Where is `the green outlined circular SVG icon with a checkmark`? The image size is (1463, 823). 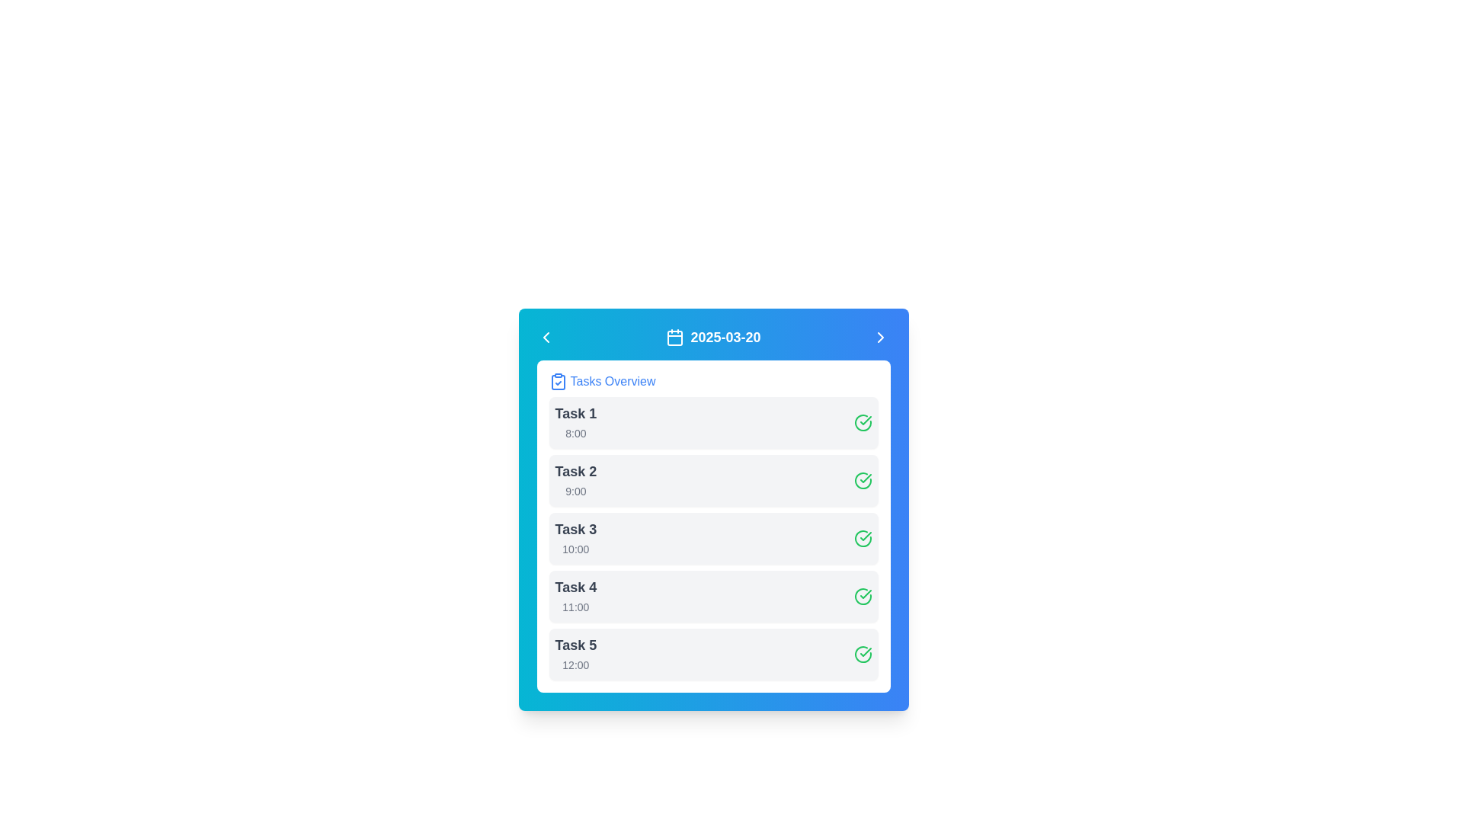
the green outlined circular SVG icon with a checkmark is located at coordinates (863, 537).